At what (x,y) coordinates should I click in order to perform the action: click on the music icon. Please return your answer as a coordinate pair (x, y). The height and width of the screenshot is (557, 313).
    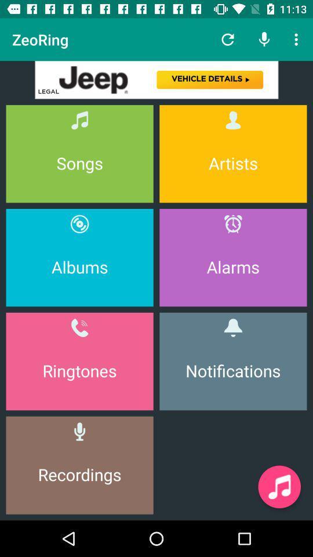
    Looking at the image, I should click on (279, 487).